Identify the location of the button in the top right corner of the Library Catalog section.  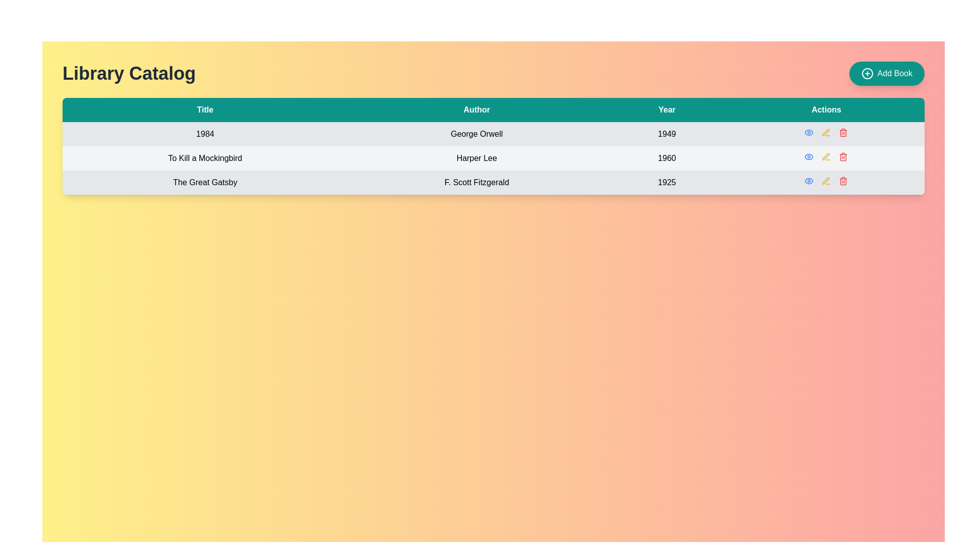
(886, 73).